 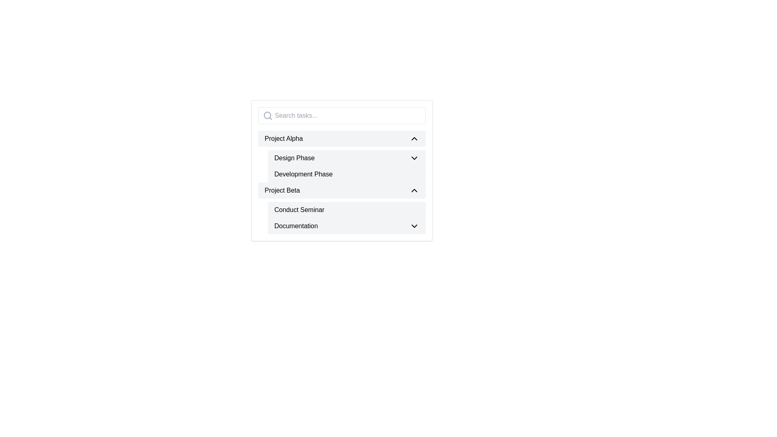 I want to click on the first button in the project phases group, so click(x=347, y=158).